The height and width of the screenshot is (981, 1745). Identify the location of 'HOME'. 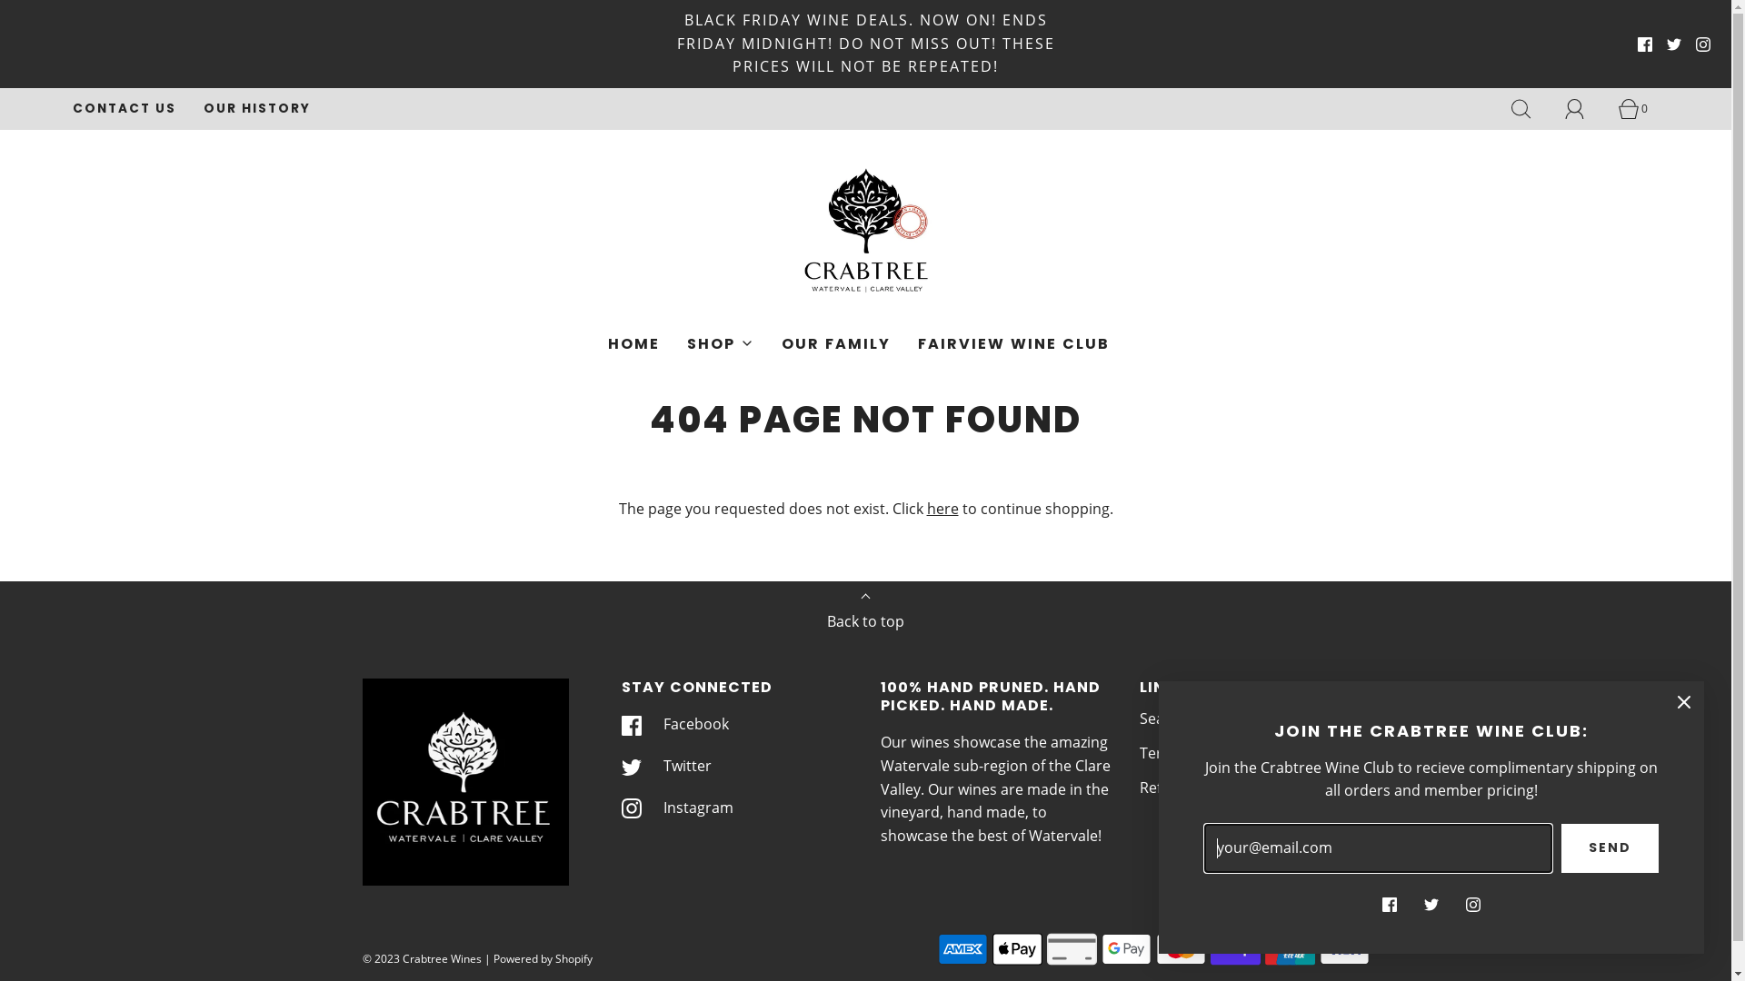
(633, 343).